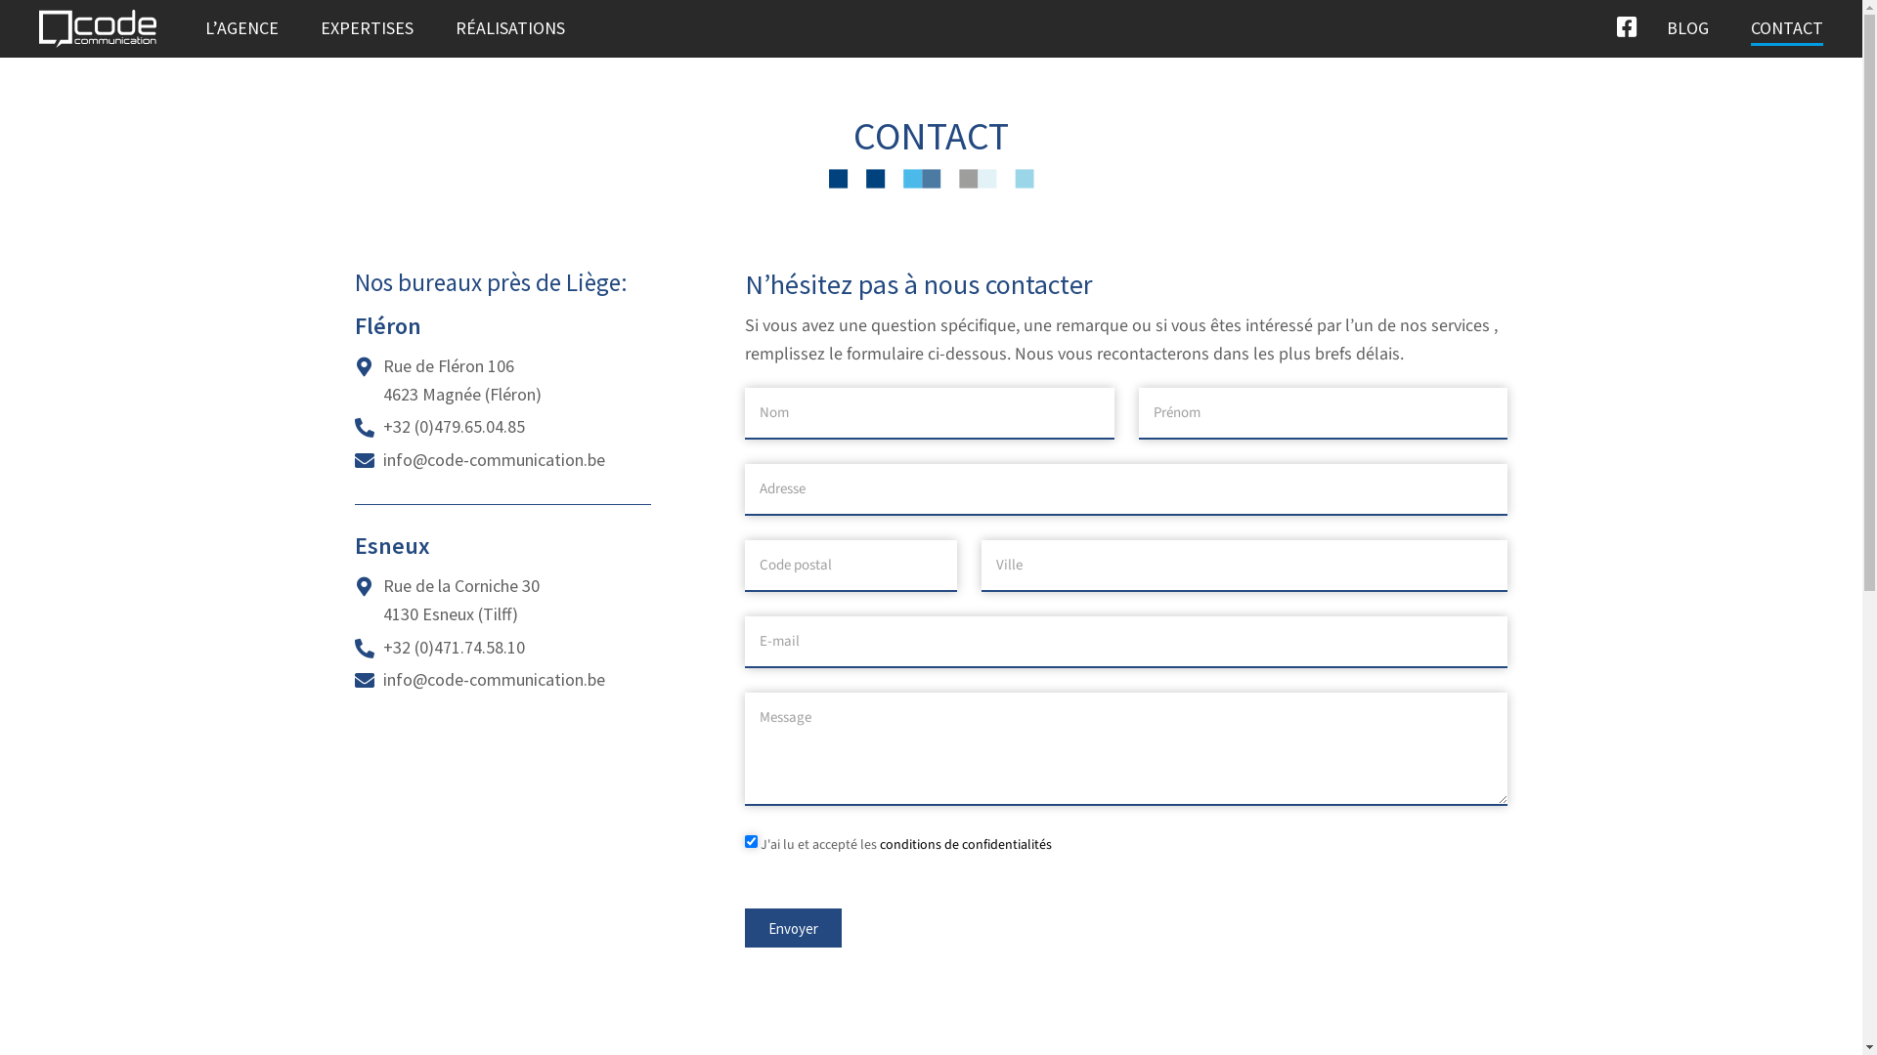 The image size is (1877, 1055). I want to click on '+32 (0)471.74.58.10', so click(383, 647).